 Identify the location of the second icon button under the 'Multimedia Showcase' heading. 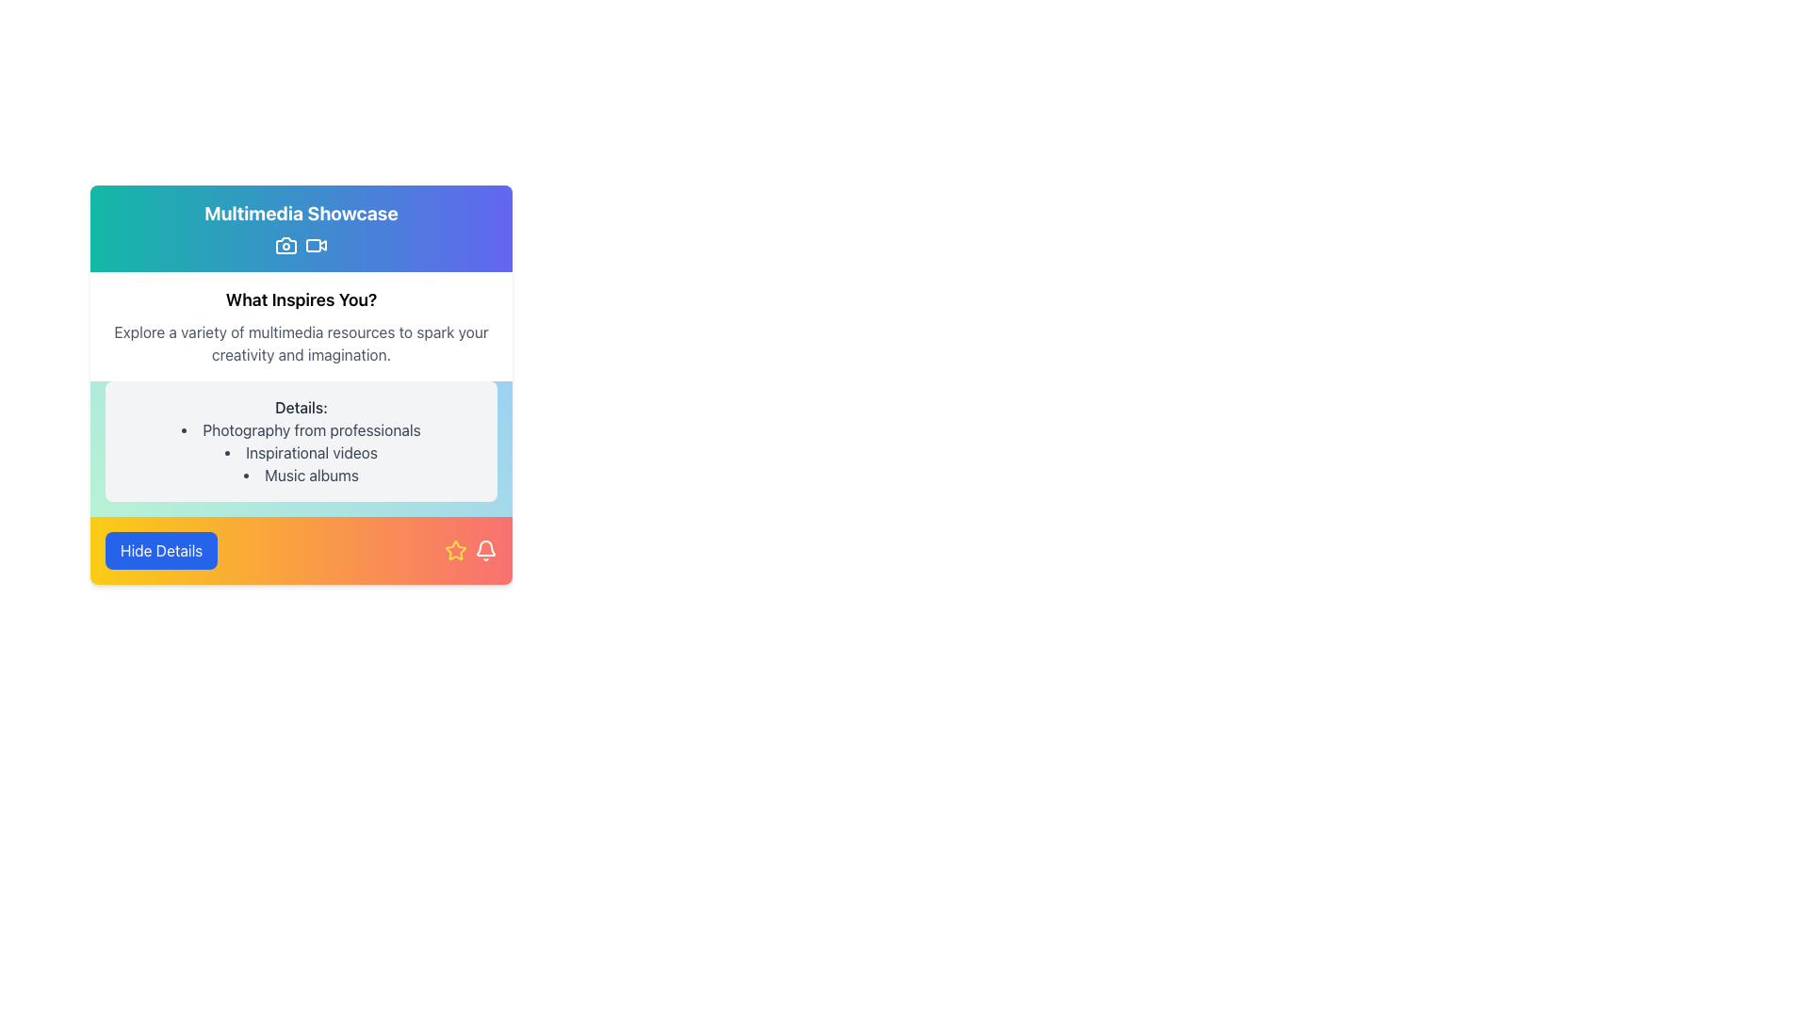
(317, 245).